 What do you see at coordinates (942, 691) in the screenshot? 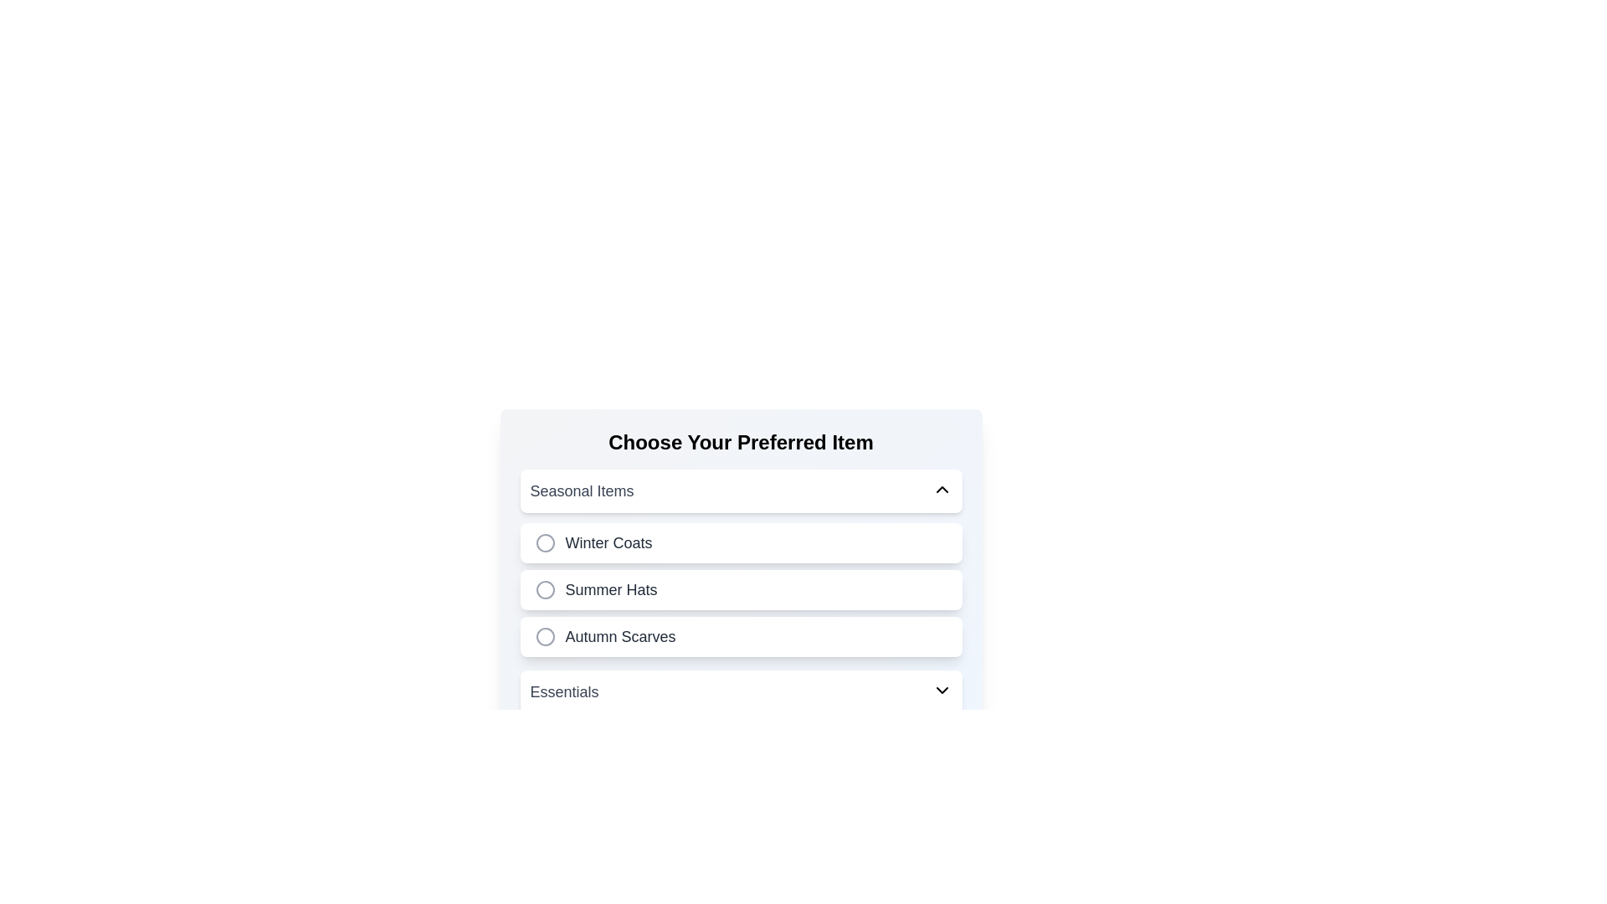
I see `the expand/collapse icon on the far-right side of the 'Essentials' section` at bounding box center [942, 691].